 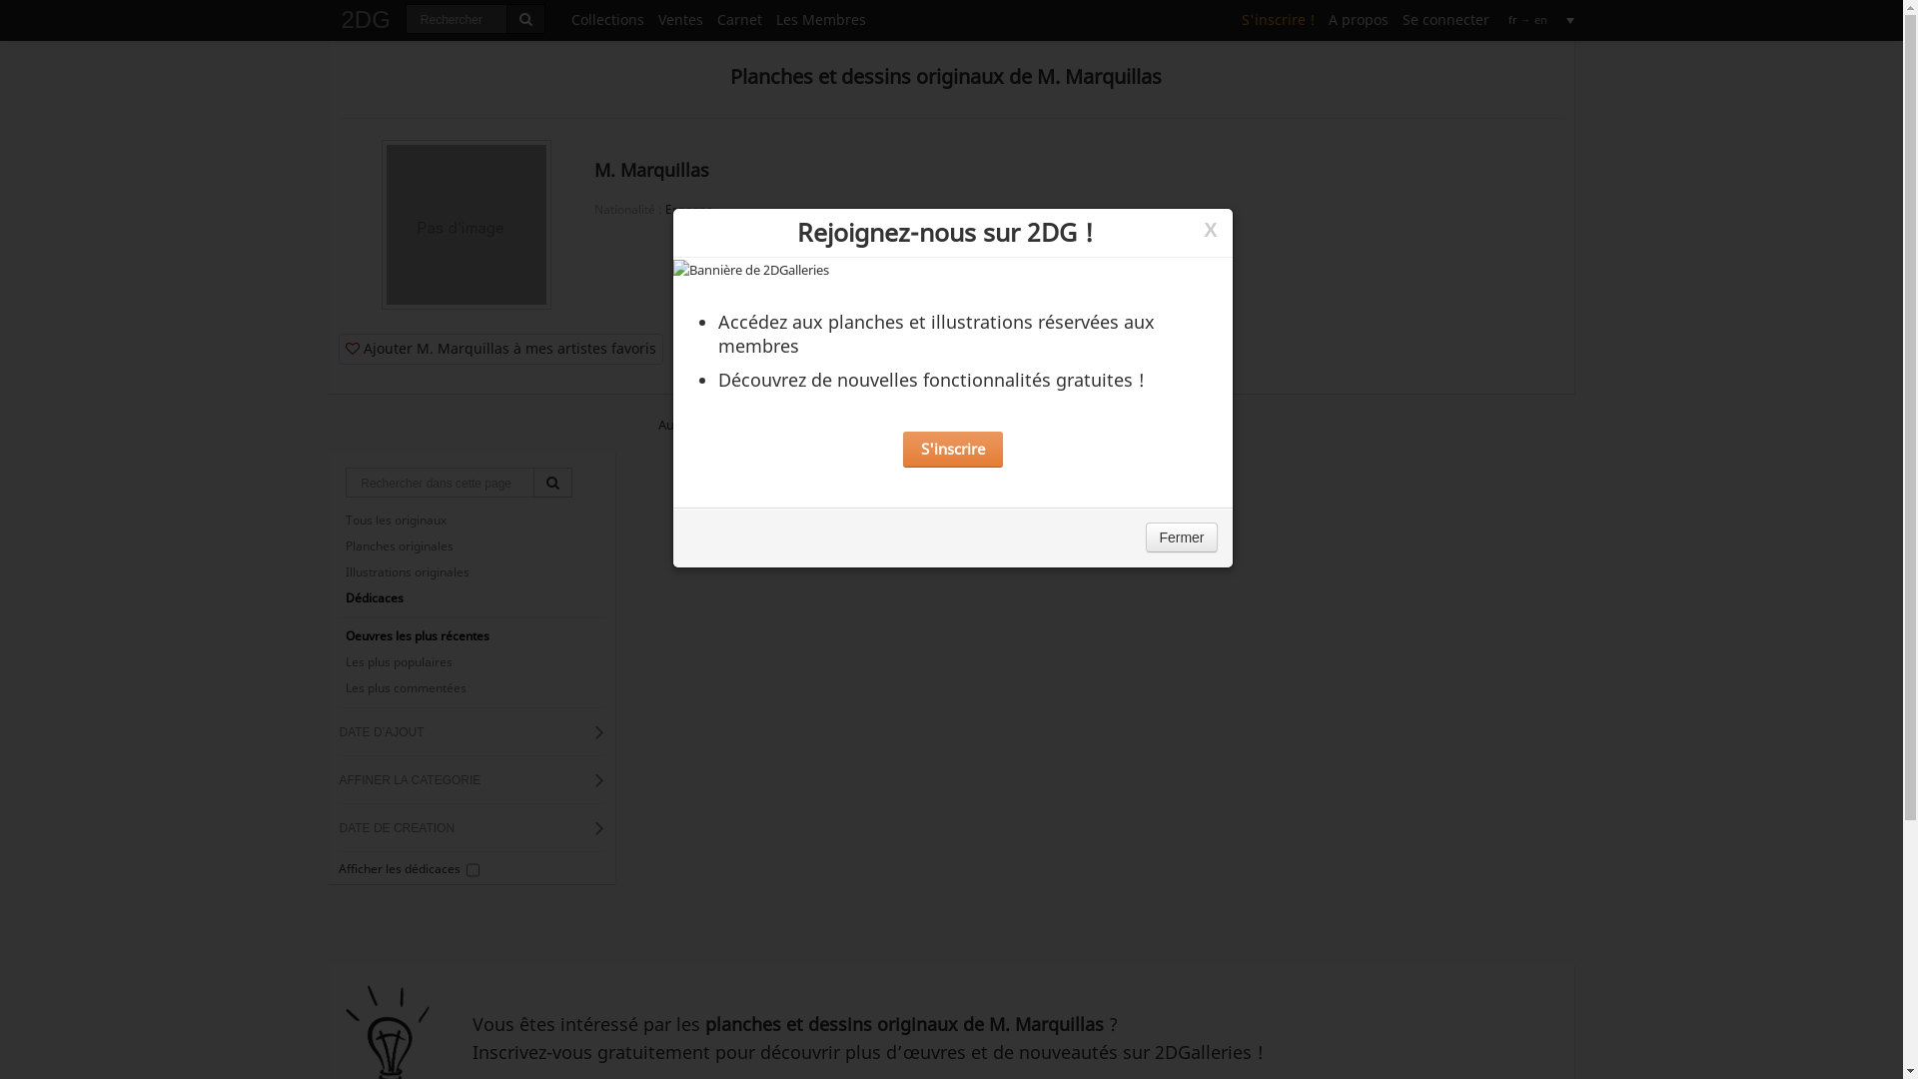 I want to click on 'Ventes', so click(x=651, y=18).